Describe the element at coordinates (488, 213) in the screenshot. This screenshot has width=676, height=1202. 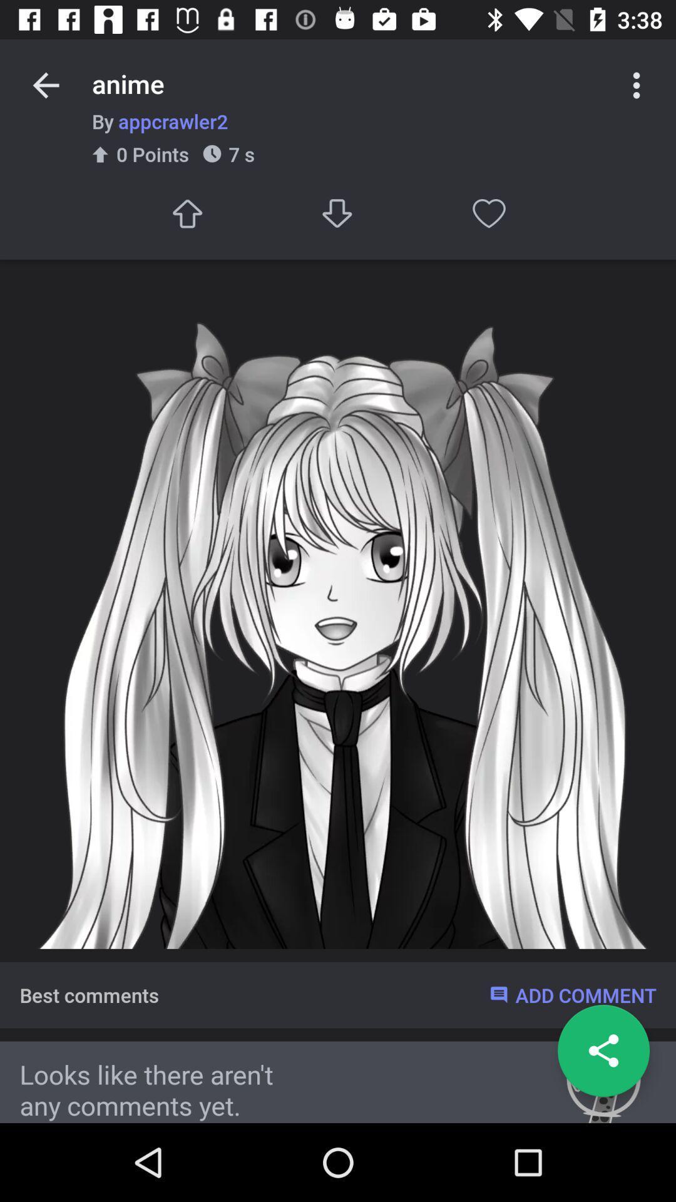
I see `like post` at that location.